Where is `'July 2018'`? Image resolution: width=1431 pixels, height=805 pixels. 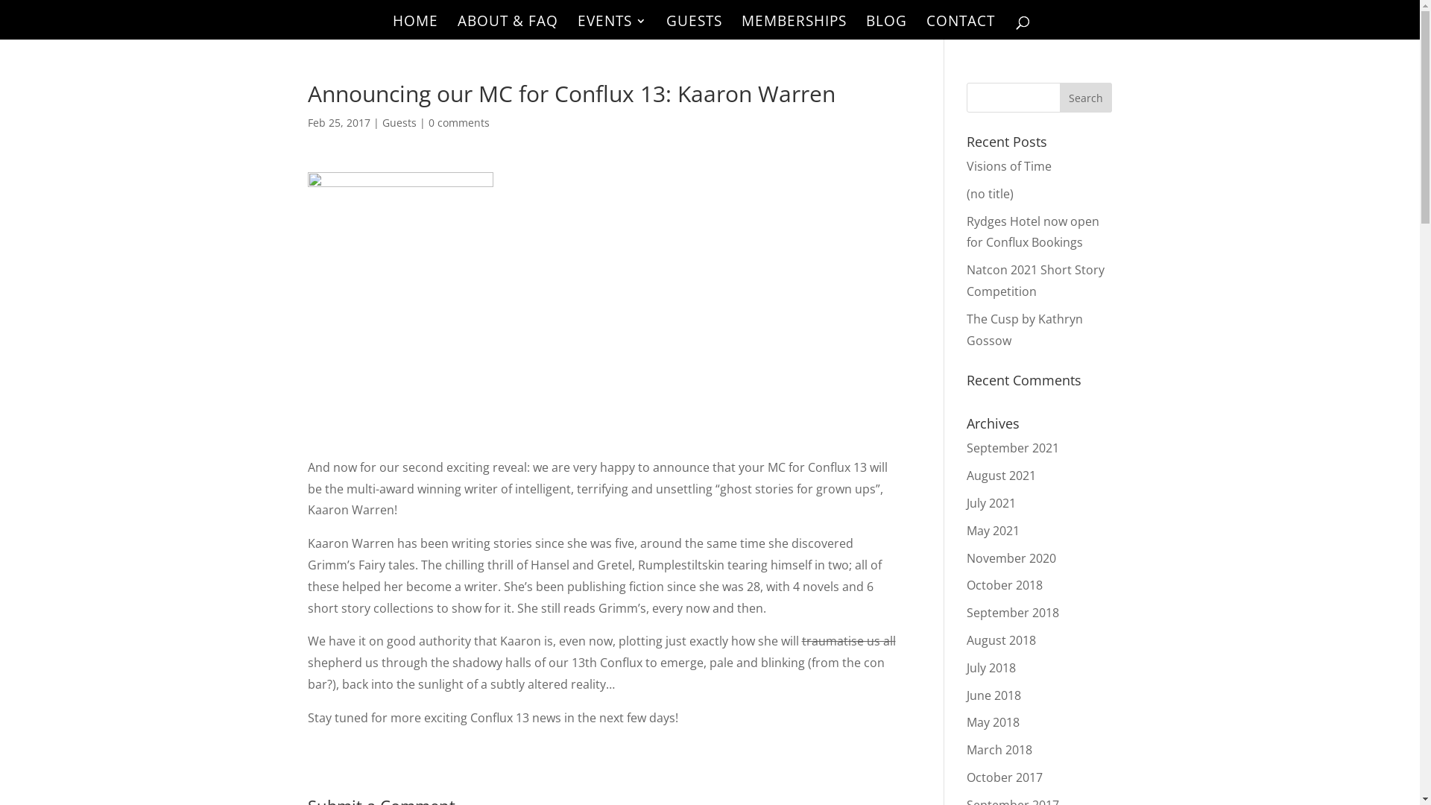
'July 2018' is located at coordinates (966, 666).